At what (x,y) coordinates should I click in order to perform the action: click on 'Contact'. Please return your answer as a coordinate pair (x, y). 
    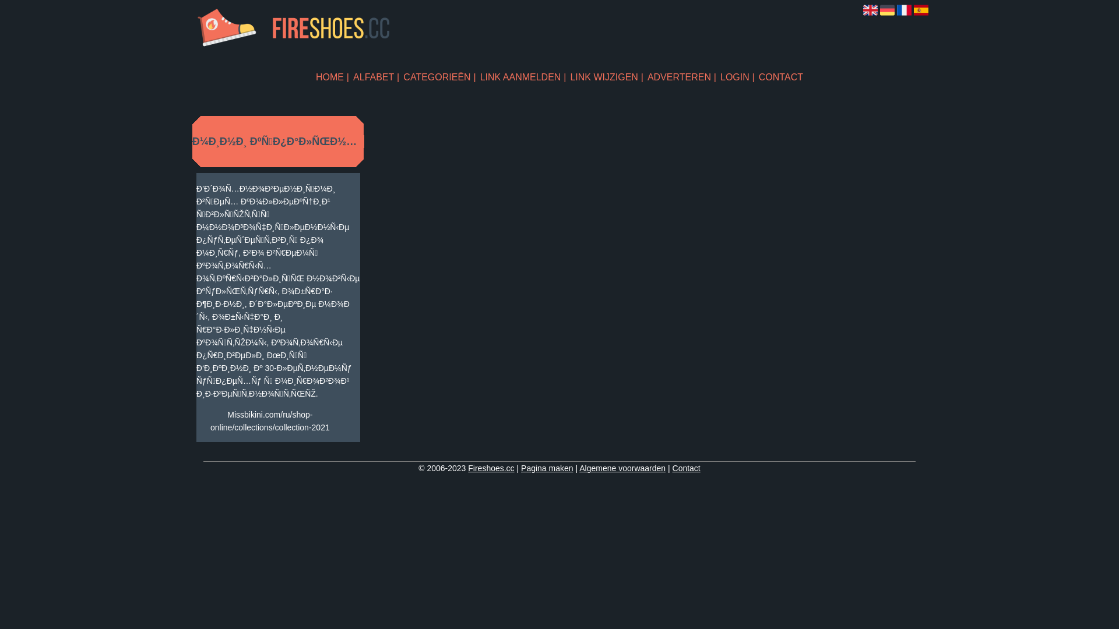
    Looking at the image, I should click on (686, 467).